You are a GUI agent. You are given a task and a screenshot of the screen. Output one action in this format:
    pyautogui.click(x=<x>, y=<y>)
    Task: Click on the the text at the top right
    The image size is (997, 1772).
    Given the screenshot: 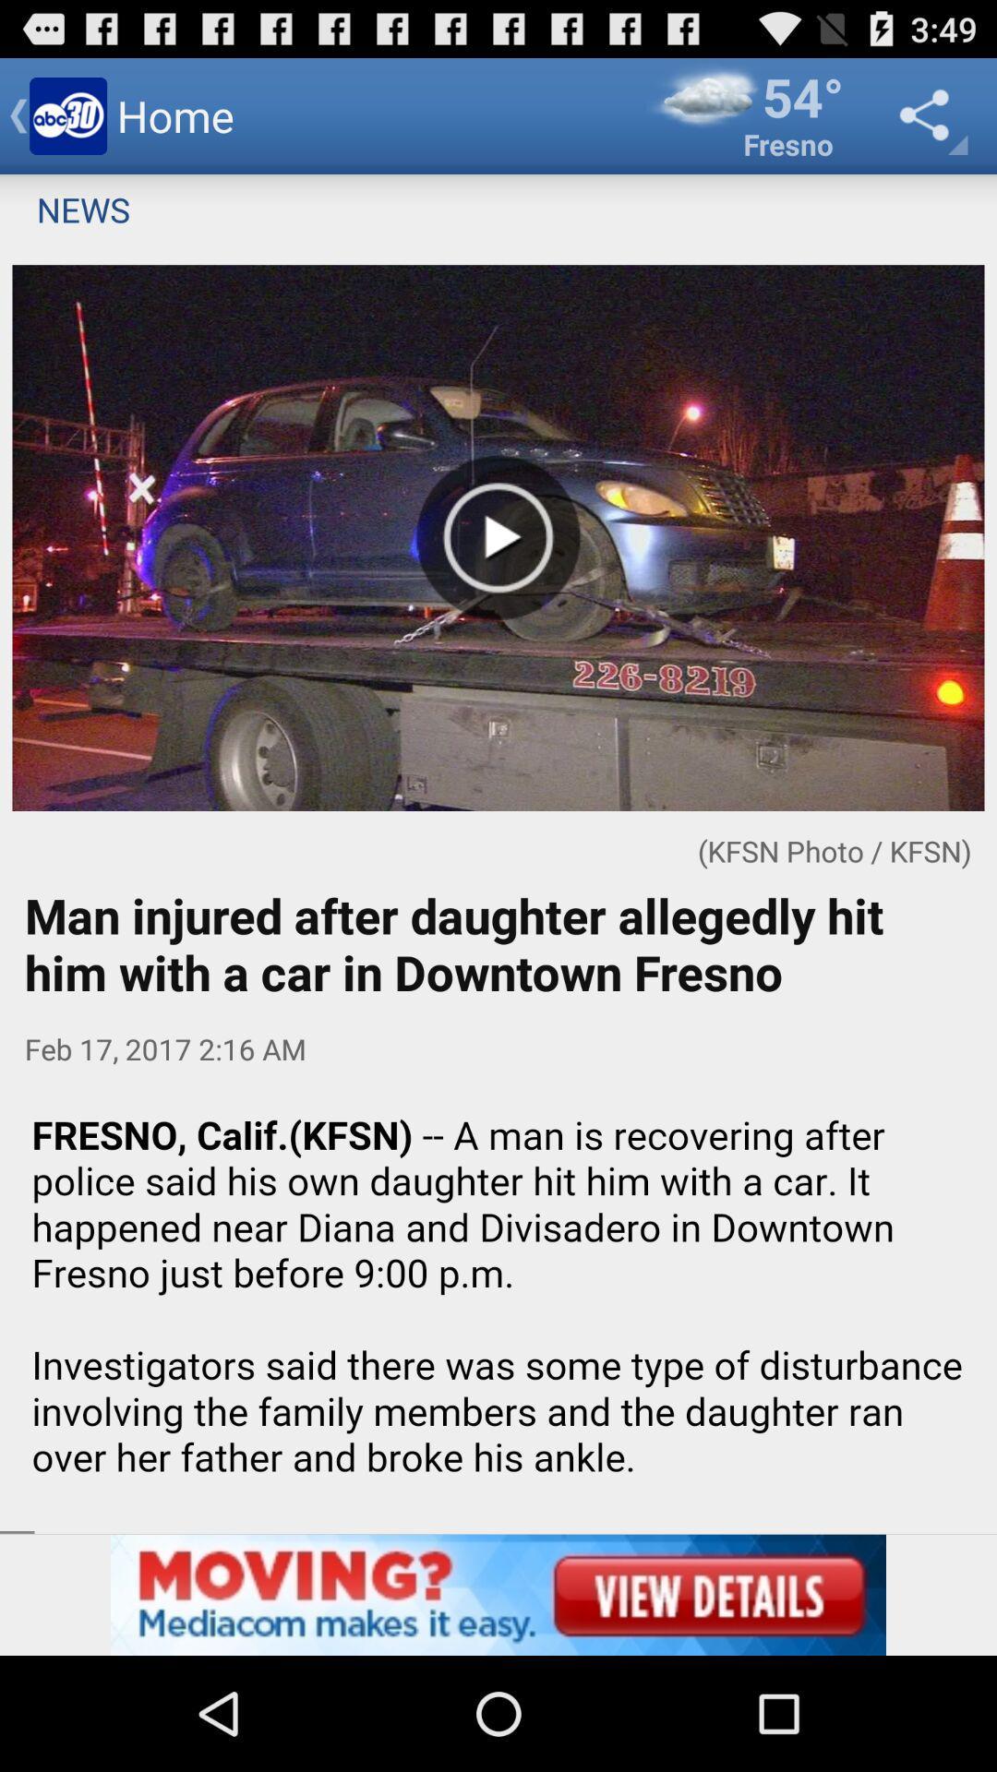 What is the action you would take?
    pyautogui.click(x=744, y=114)
    